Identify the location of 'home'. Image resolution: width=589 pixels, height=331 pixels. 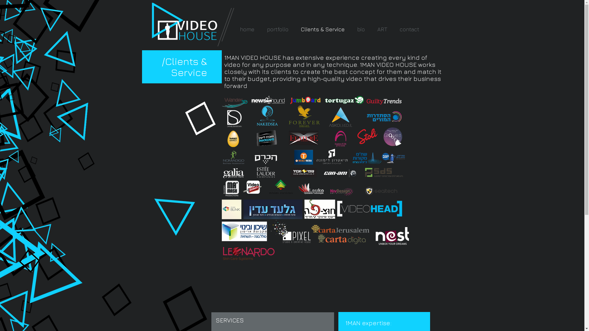
(247, 29).